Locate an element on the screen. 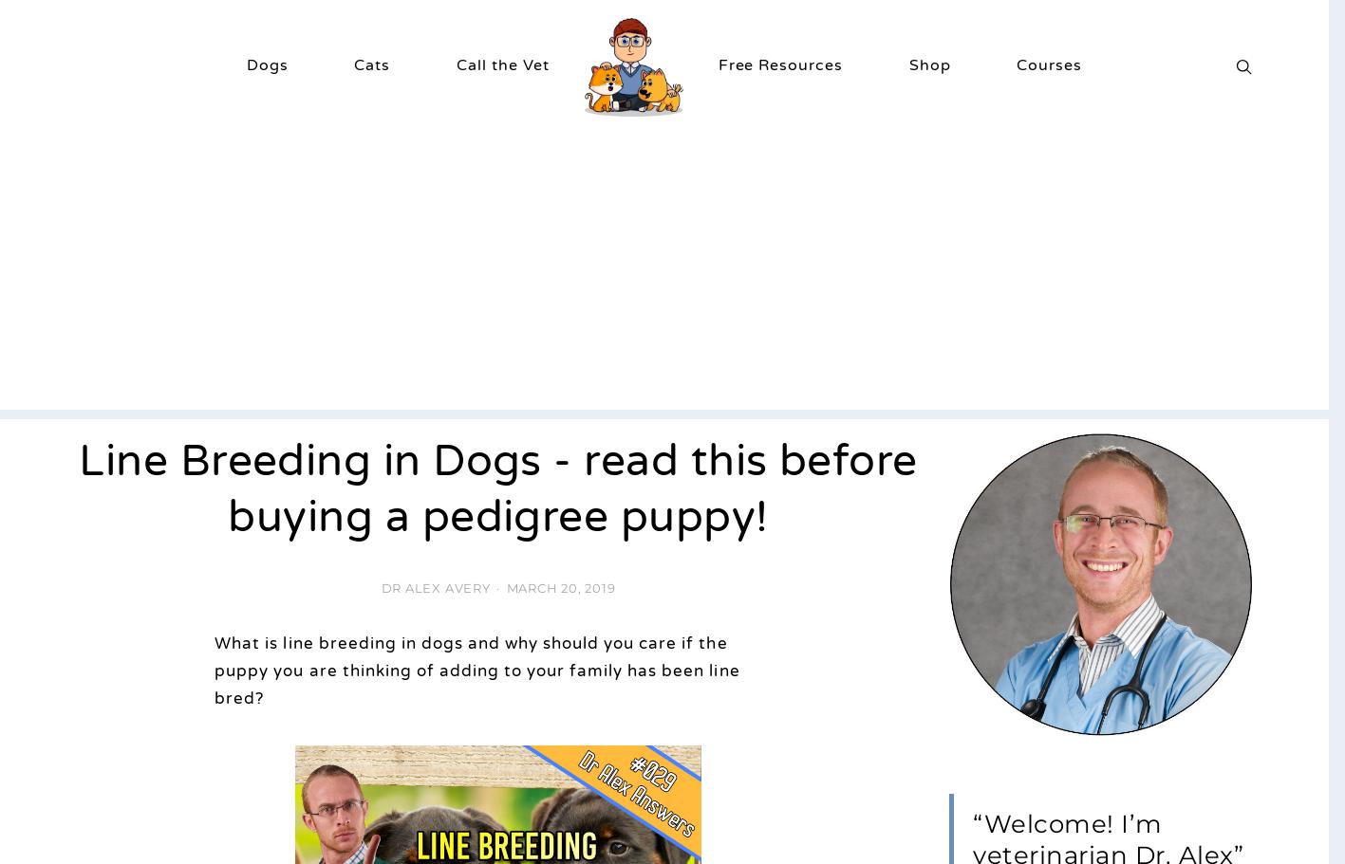  'Dogs' is located at coordinates (246, 63).